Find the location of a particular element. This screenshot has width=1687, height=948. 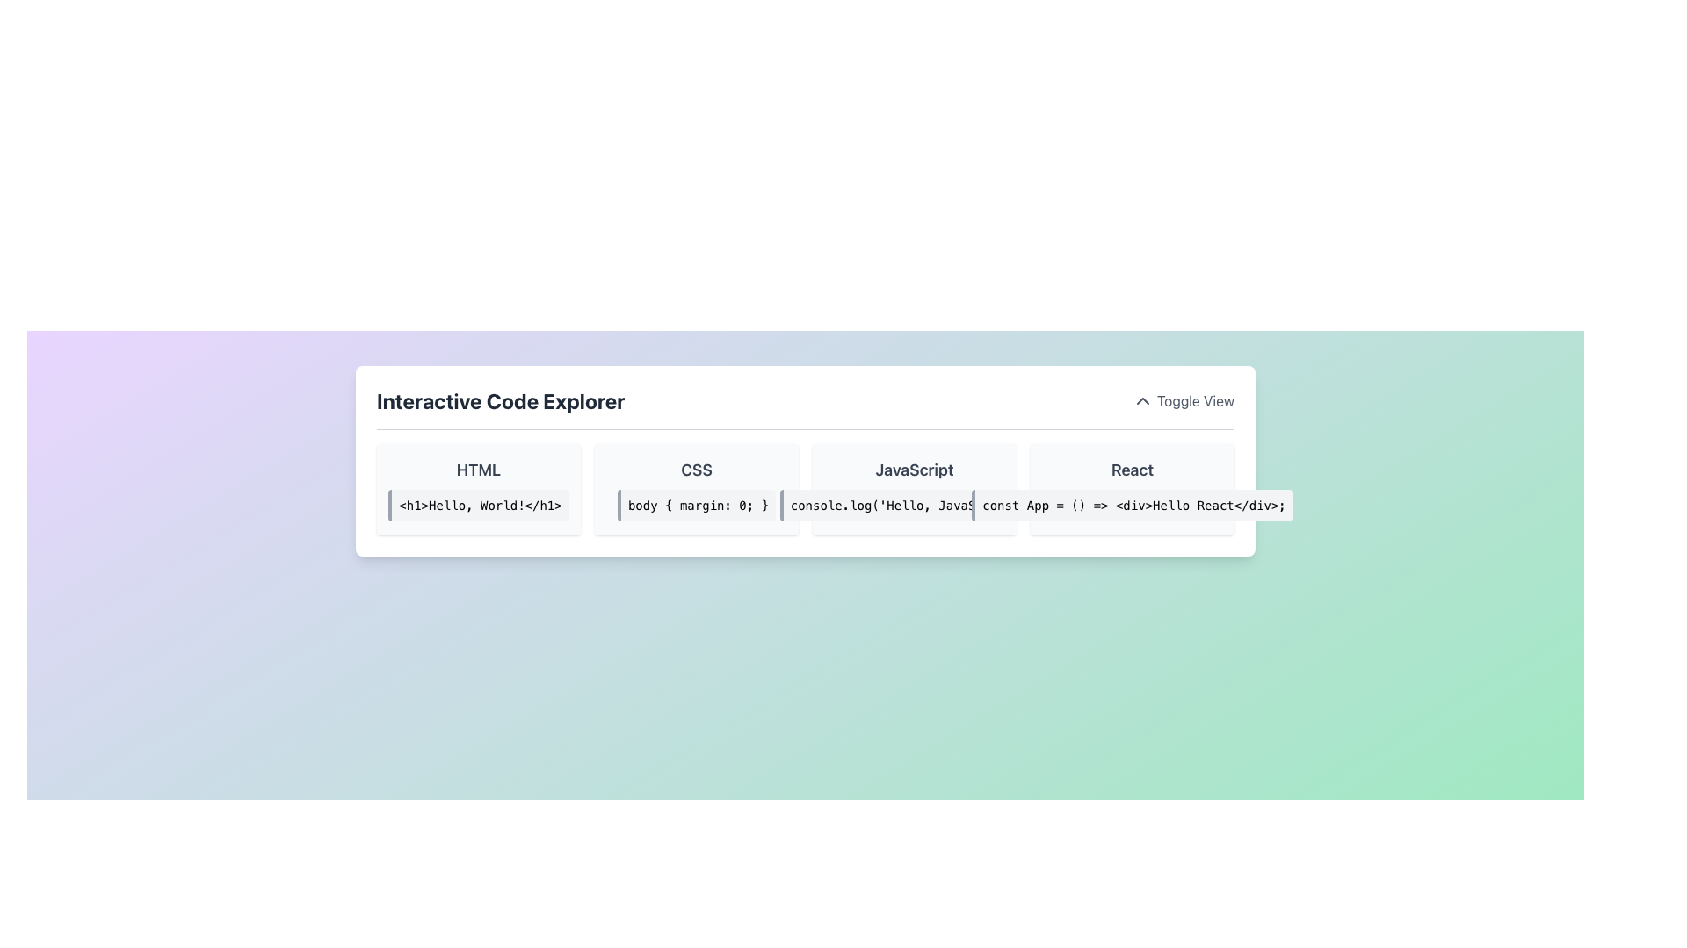

the fourth informational card in the grid that presents a title and a code snippet for React is located at coordinates (1133, 490).